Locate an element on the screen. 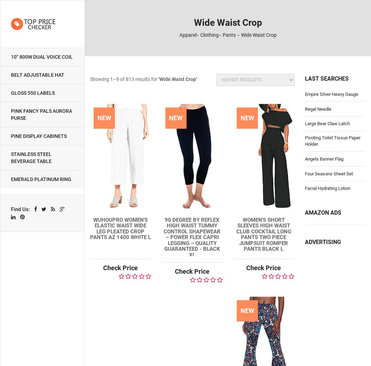 Image resolution: width=371 pixels, height=366 pixels. 'Facial Hydrating Lotion' is located at coordinates (327, 188).